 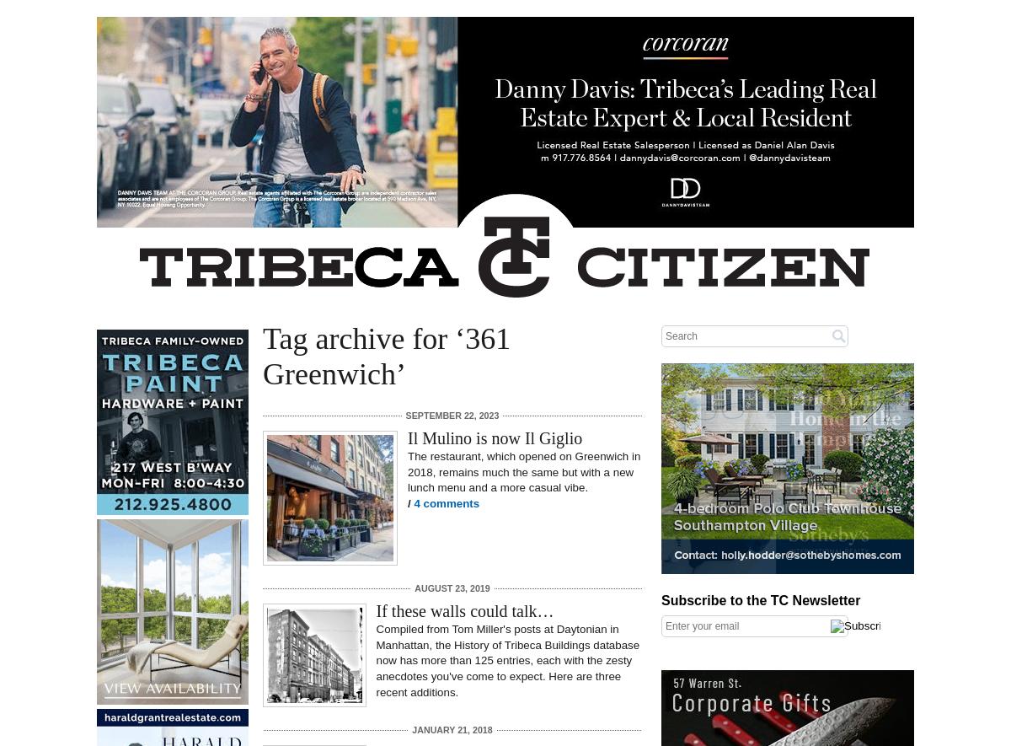 I want to click on '4 comments', so click(x=446, y=502).